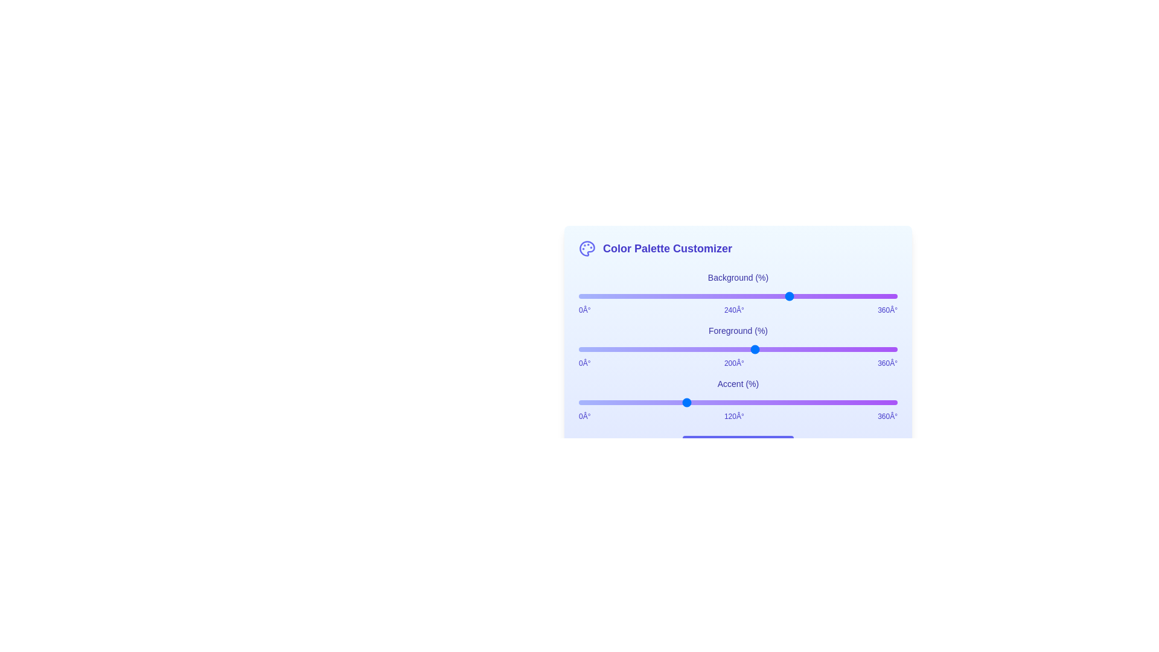 The width and height of the screenshot is (1159, 652). What do you see at coordinates (883, 349) in the screenshot?
I see `the foreground color slider to set its hue value to 343°` at bounding box center [883, 349].